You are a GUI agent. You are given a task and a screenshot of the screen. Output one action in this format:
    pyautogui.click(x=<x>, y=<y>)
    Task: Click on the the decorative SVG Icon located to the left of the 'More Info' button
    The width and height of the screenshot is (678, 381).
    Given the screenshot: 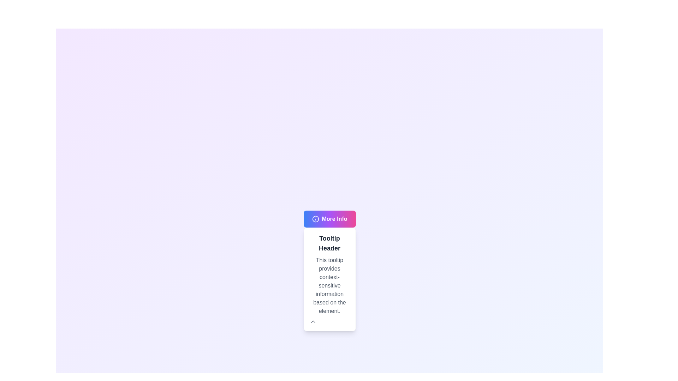 What is the action you would take?
    pyautogui.click(x=315, y=219)
    